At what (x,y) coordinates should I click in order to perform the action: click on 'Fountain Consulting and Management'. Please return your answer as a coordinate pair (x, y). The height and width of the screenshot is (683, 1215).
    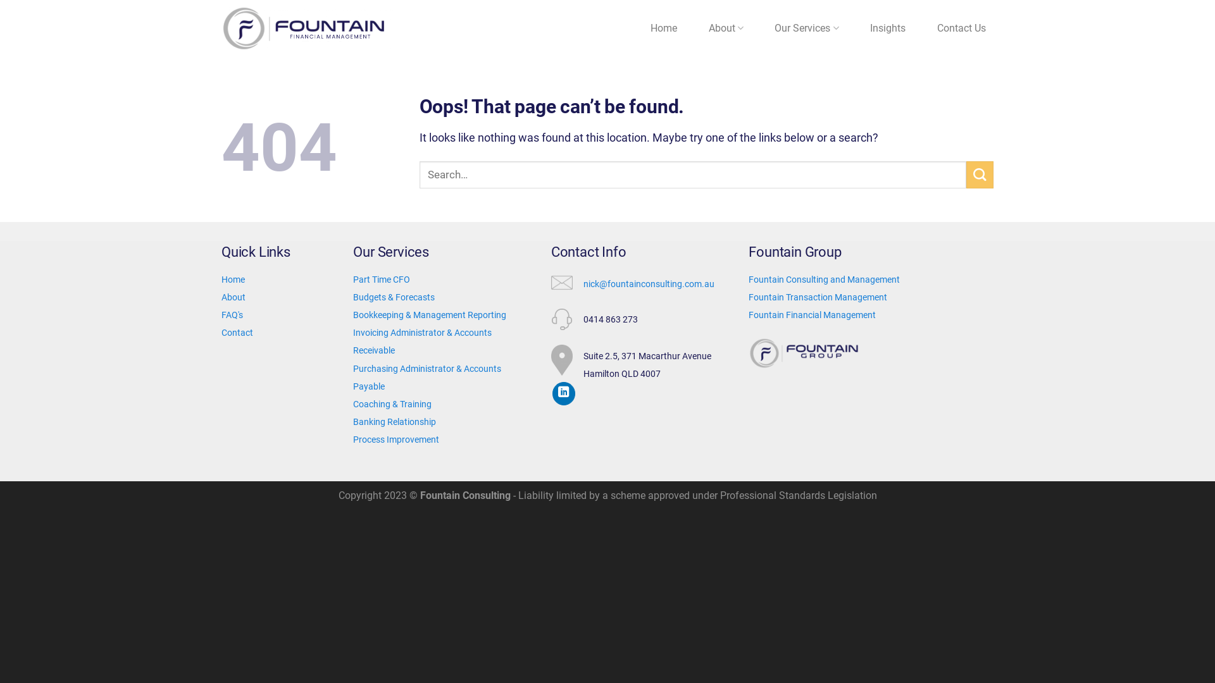
    Looking at the image, I should click on (824, 279).